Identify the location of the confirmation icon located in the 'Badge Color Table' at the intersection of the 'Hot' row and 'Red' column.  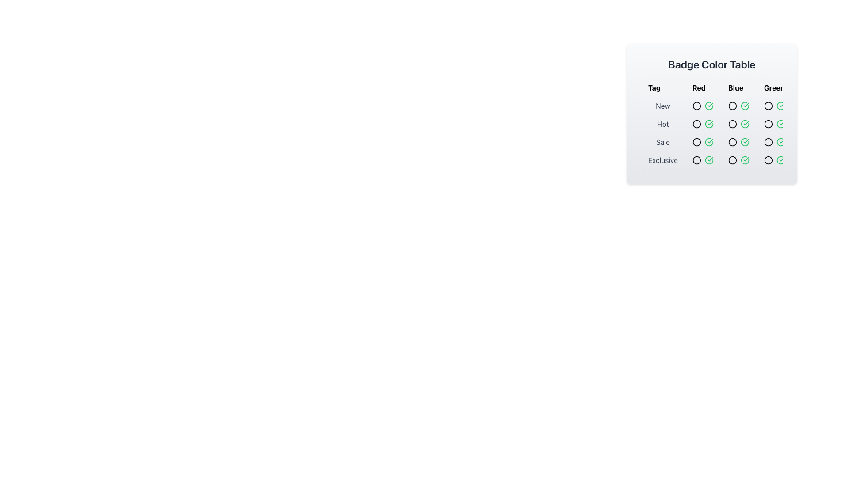
(709, 124).